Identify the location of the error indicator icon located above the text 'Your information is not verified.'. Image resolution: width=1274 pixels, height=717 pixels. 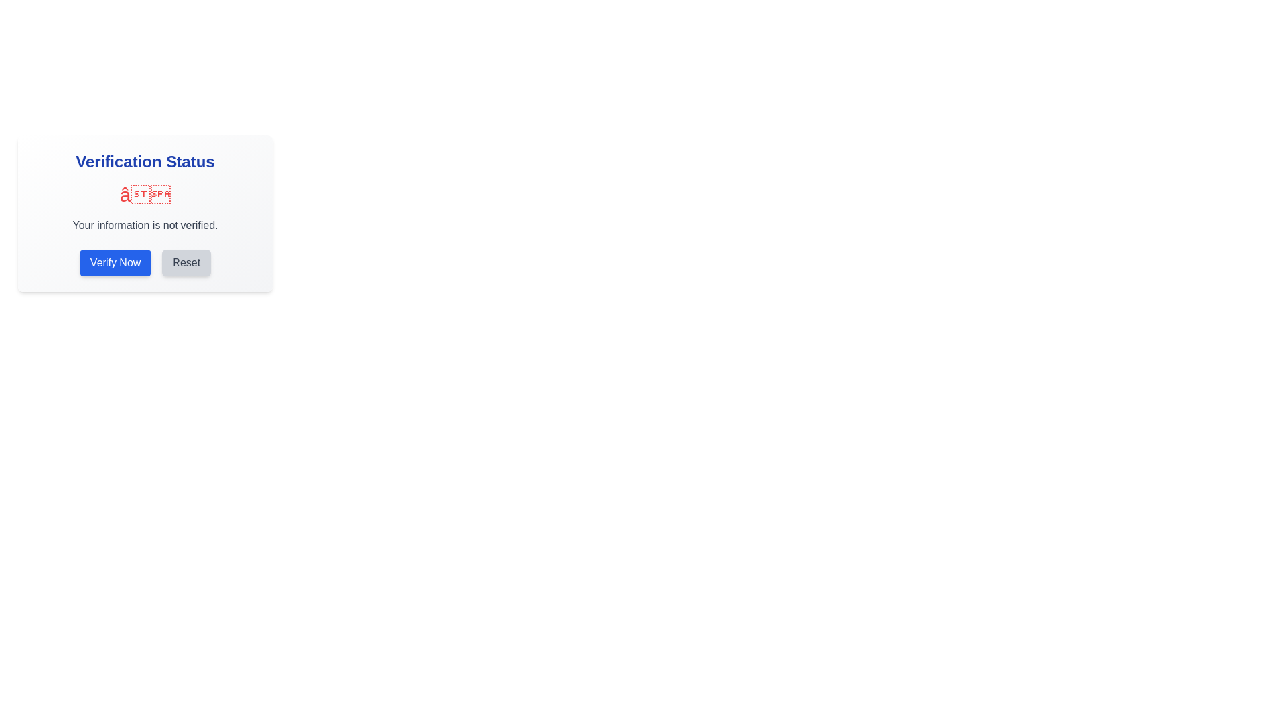
(145, 195).